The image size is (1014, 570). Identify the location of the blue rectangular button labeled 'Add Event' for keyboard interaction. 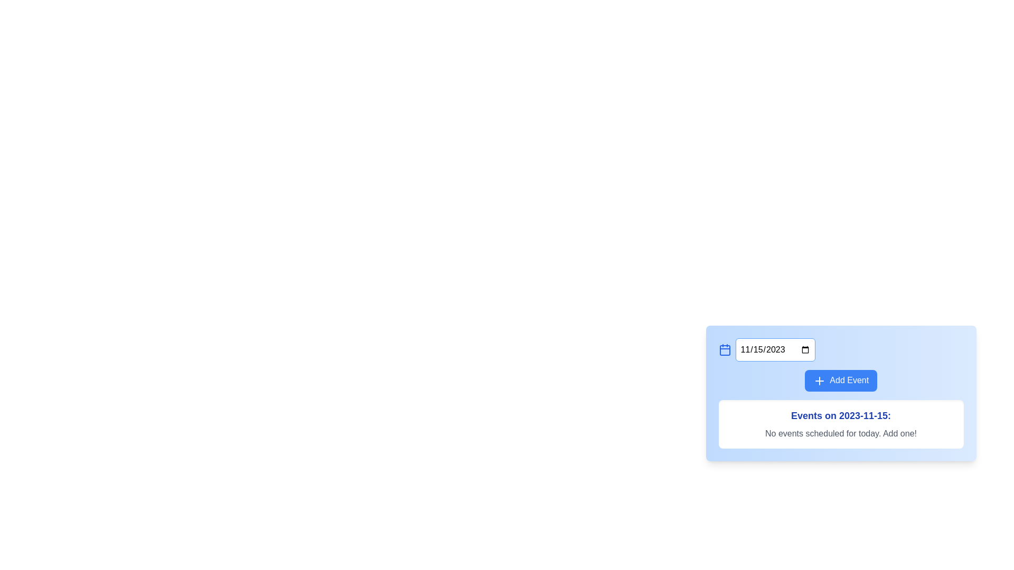
(840, 381).